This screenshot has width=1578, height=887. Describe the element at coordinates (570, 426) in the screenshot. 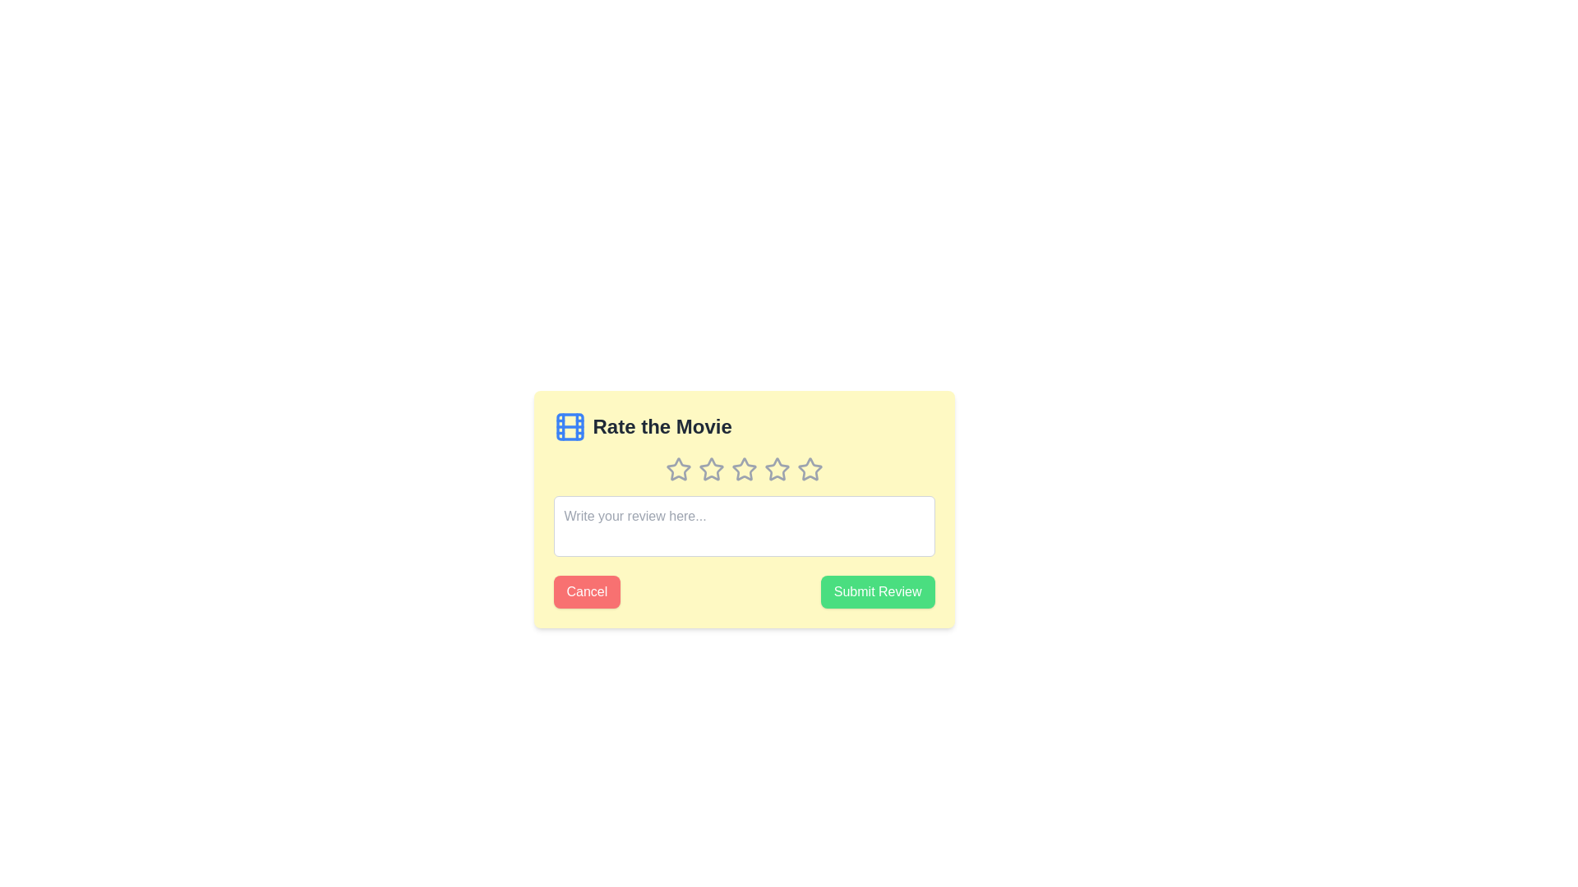

I see `the central section of the filmstrip icon located at the top left part of the interface near the title 'Rate the Movie'` at that location.